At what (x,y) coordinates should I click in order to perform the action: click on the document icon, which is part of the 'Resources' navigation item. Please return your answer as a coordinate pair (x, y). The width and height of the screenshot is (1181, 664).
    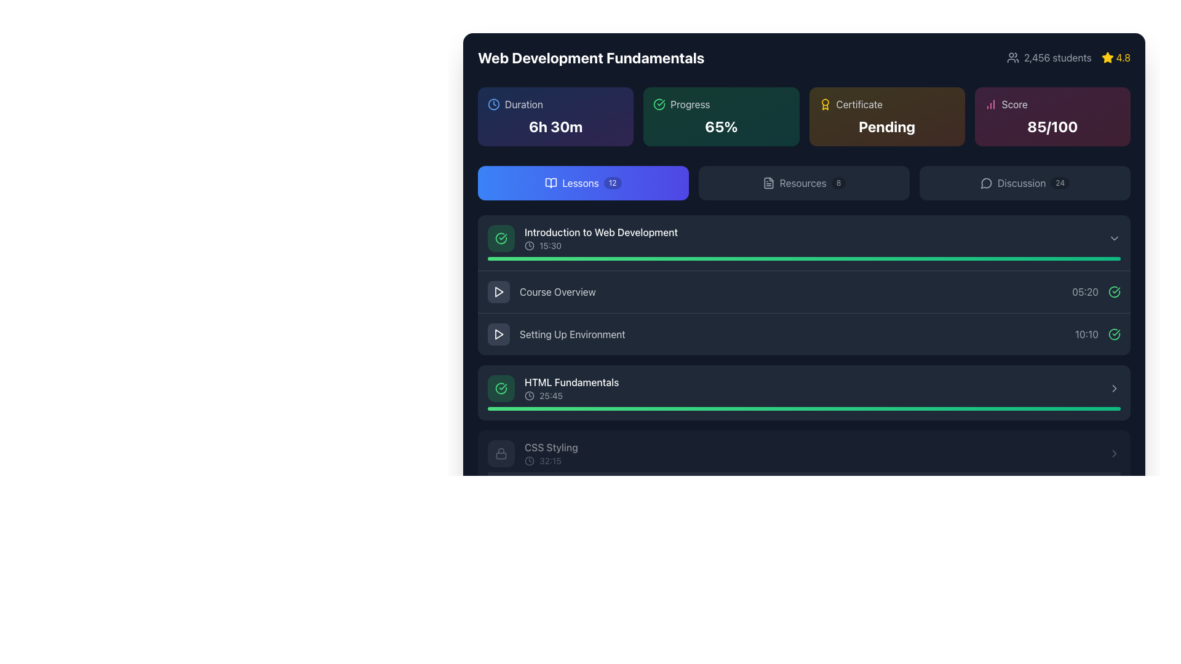
    Looking at the image, I should click on (768, 183).